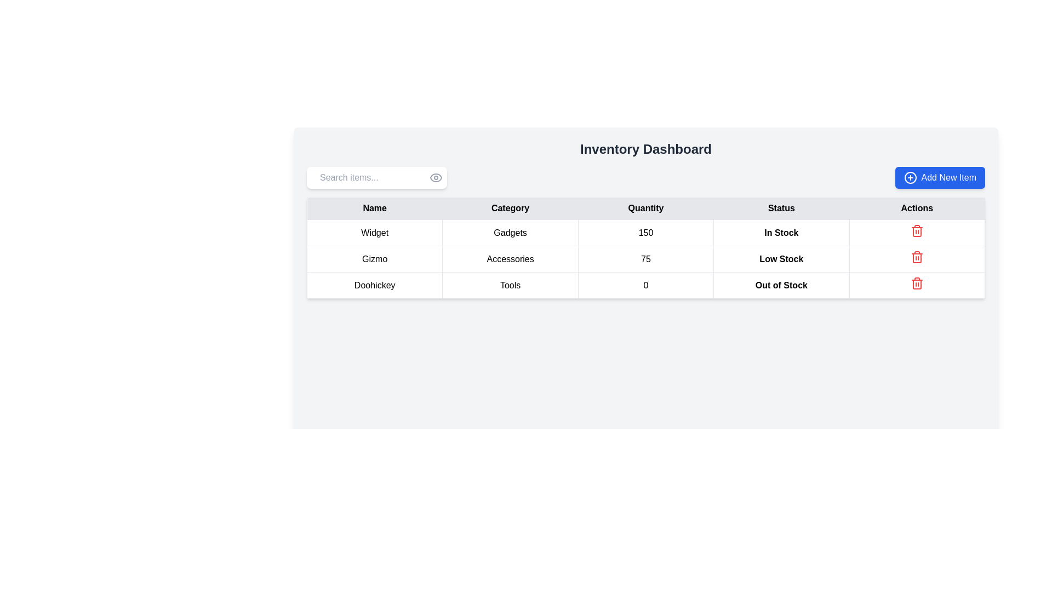 This screenshot has height=591, width=1052. What do you see at coordinates (910, 177) in the screenshot?
I see `the graphical icon (circle) that represents the 'Add New Item' button, located in the top-right corner of the dashboard interface above the table` at bounding box center [910, 177].